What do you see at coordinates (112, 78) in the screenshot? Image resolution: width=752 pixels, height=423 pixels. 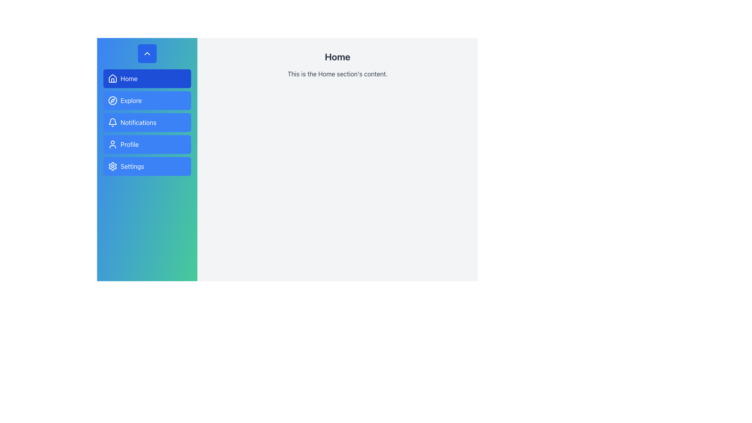 I see `the house icon located in the sidebar menu under the Home menu option` at bounding box center [112, 78].